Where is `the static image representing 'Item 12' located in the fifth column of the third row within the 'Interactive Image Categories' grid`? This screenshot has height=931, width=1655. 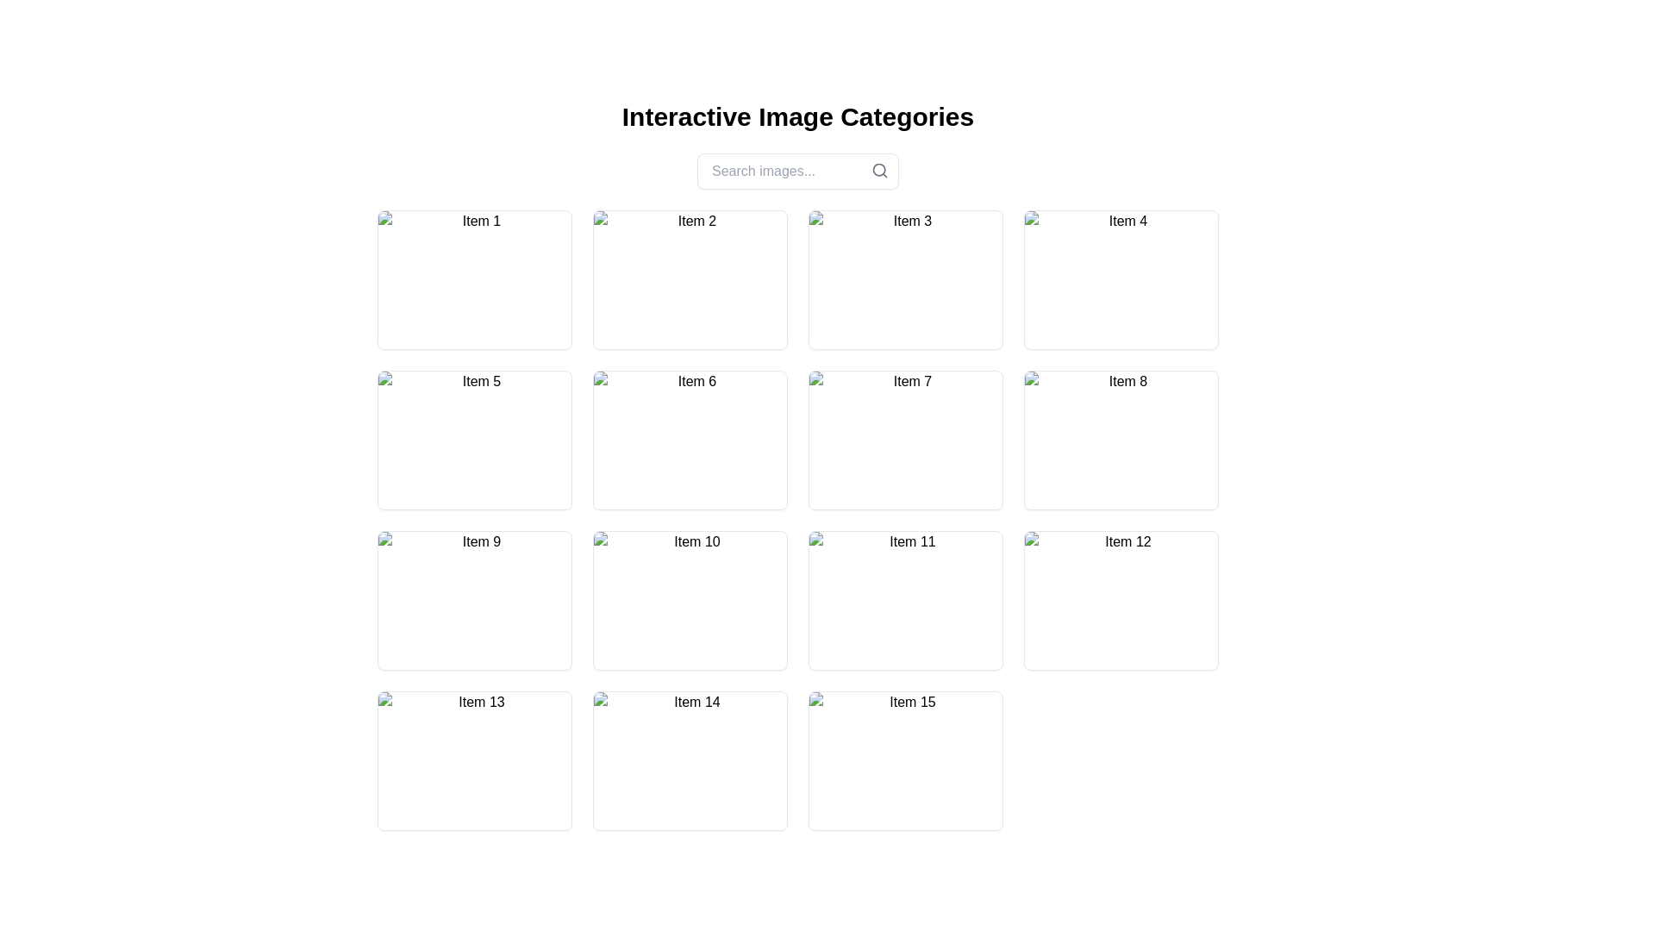 the static image representing 'Item 12' located in the fifth column of the third row within the 'Interactive Image Categories' grid is located at coordinates (1121, 600).